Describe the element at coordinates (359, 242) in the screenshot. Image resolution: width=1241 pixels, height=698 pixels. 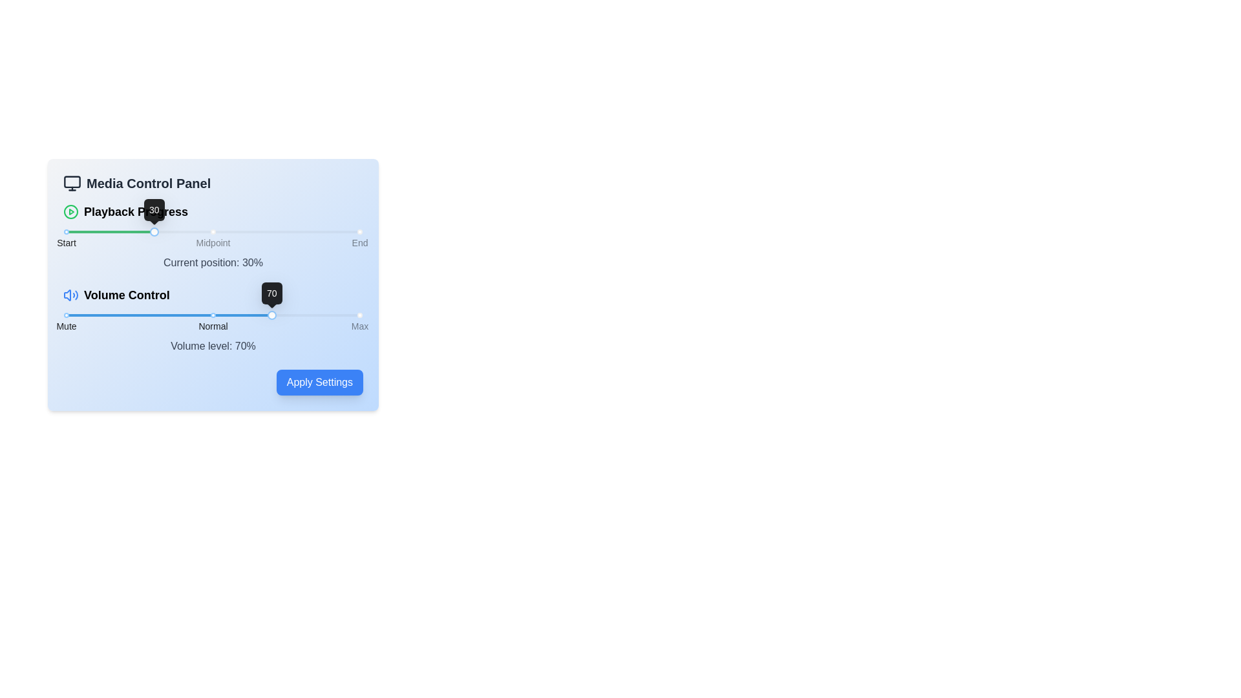
I see `the rightmost label of the slider, which indicates the maximum value (100% mark) of the 'Playback Progress' slider` at that location.